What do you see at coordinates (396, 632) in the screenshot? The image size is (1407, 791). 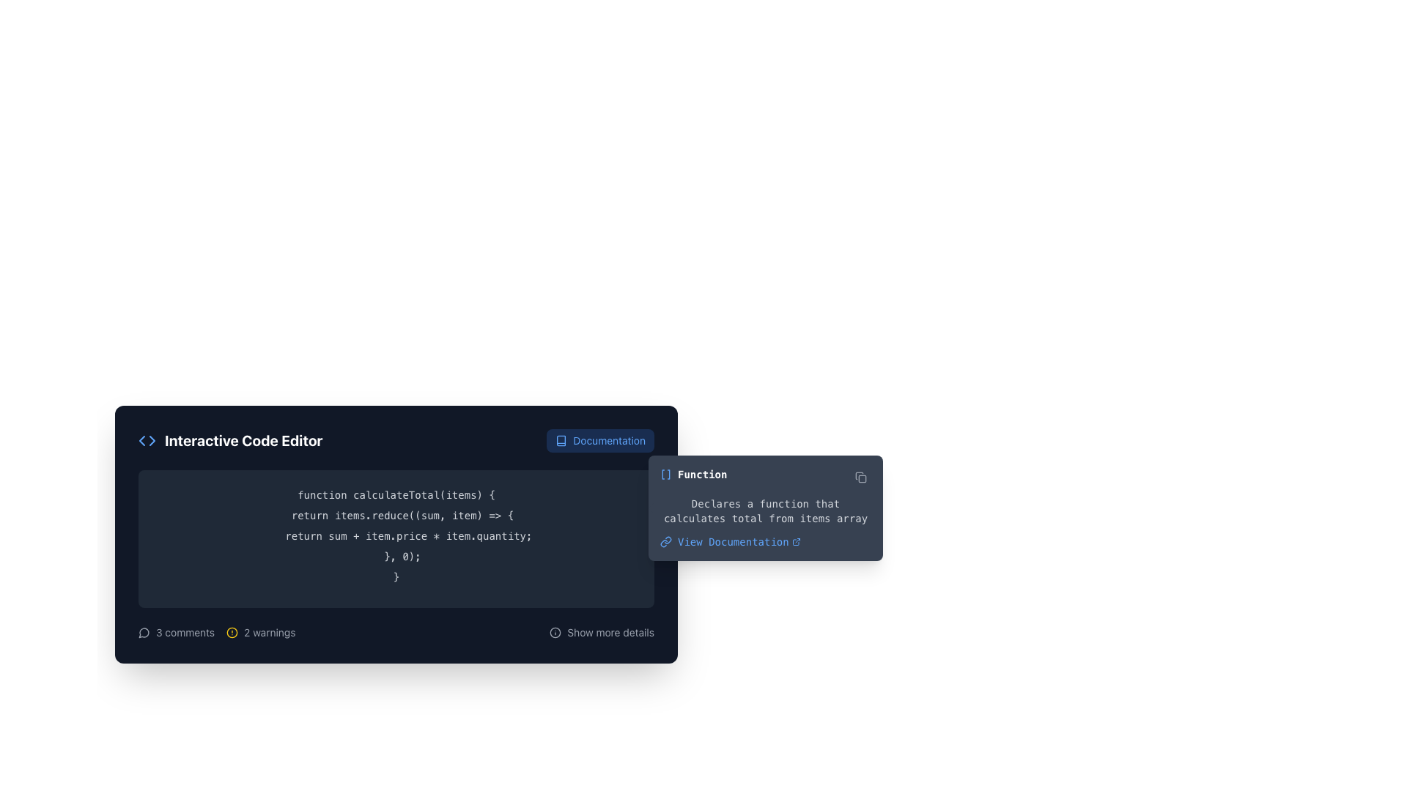 I see `displayed counts of comments and warnings from the Informational bar located at the bottom of the Interactive Code Editor` at bounding box center [396, 632].